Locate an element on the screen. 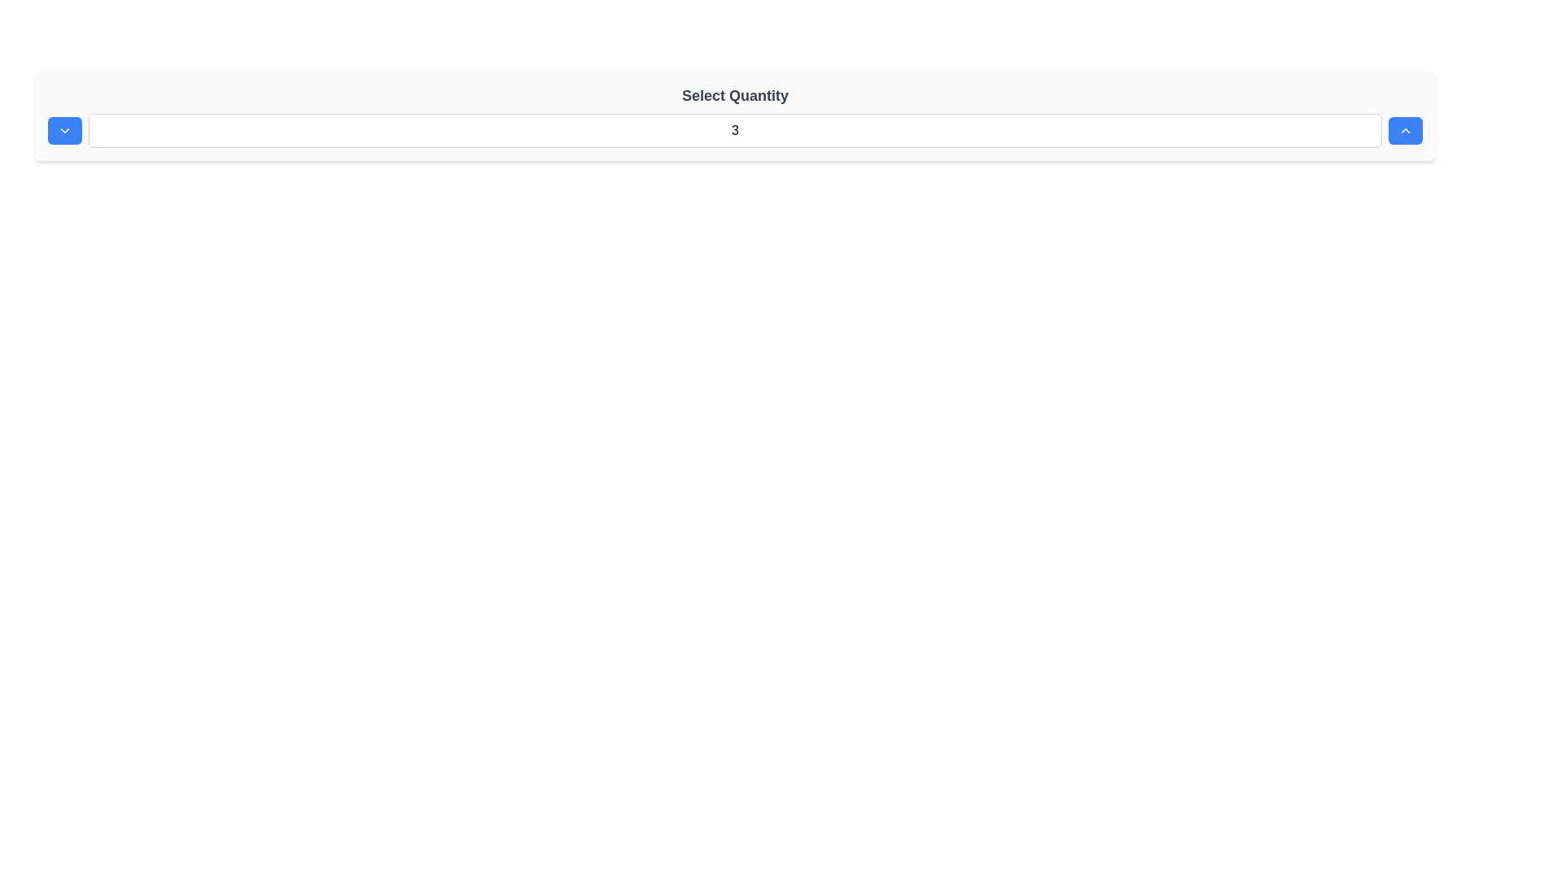 The width and height of the screenshot is (1561, 878). the chevron icon button located within a blue rectangular button with rounded corners is located at coordinates (1404, 130).